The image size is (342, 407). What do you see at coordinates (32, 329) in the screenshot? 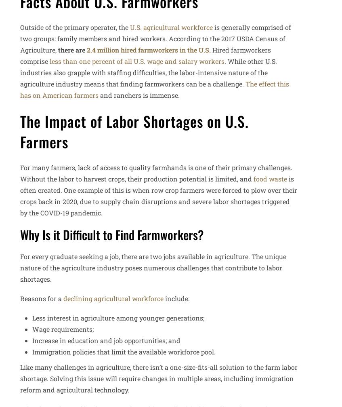
I see `'Wage requirements;'` at bounding box center [32, 329].